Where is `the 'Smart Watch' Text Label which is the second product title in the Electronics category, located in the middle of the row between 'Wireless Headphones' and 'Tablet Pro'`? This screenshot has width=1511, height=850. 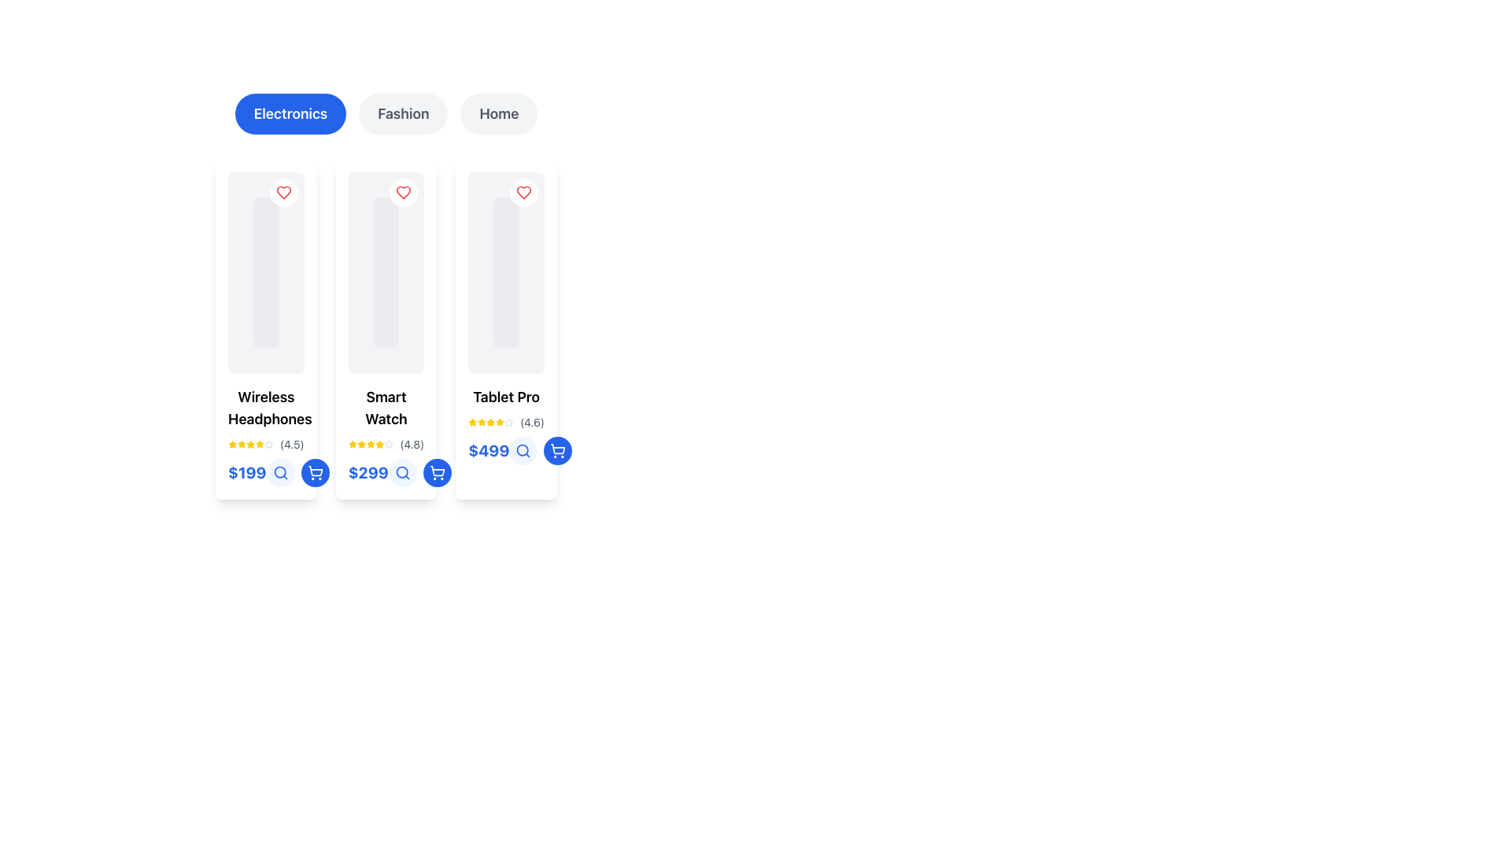 the 'Smart Watch' Text Label which is the second product title in the Electronics category, located in the middle of the row between 'Wireless Headphones' and 'Tablet Pro' is located at coordinates (386, 408).